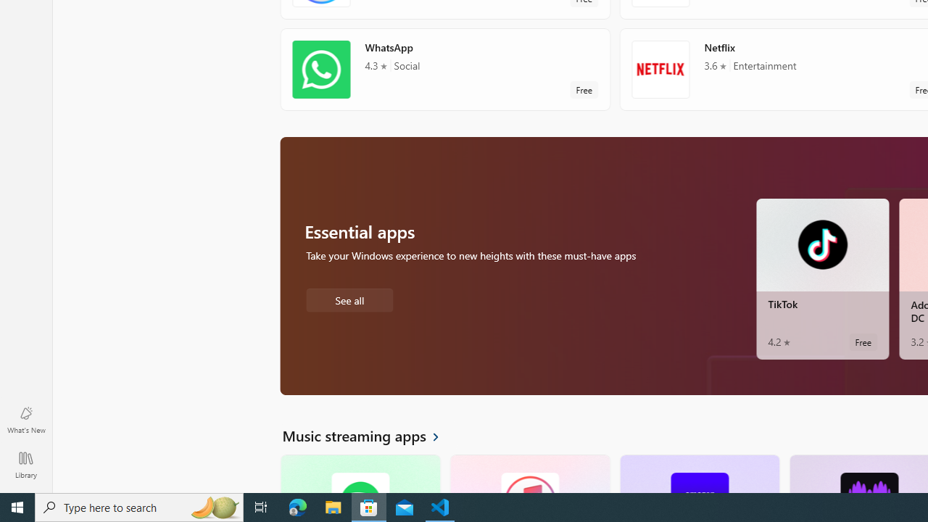  What do you see at coordinates (369, 434) in the screenshot?
I see `'See all  Music streaming apps'` at bounding box center [369, 434].